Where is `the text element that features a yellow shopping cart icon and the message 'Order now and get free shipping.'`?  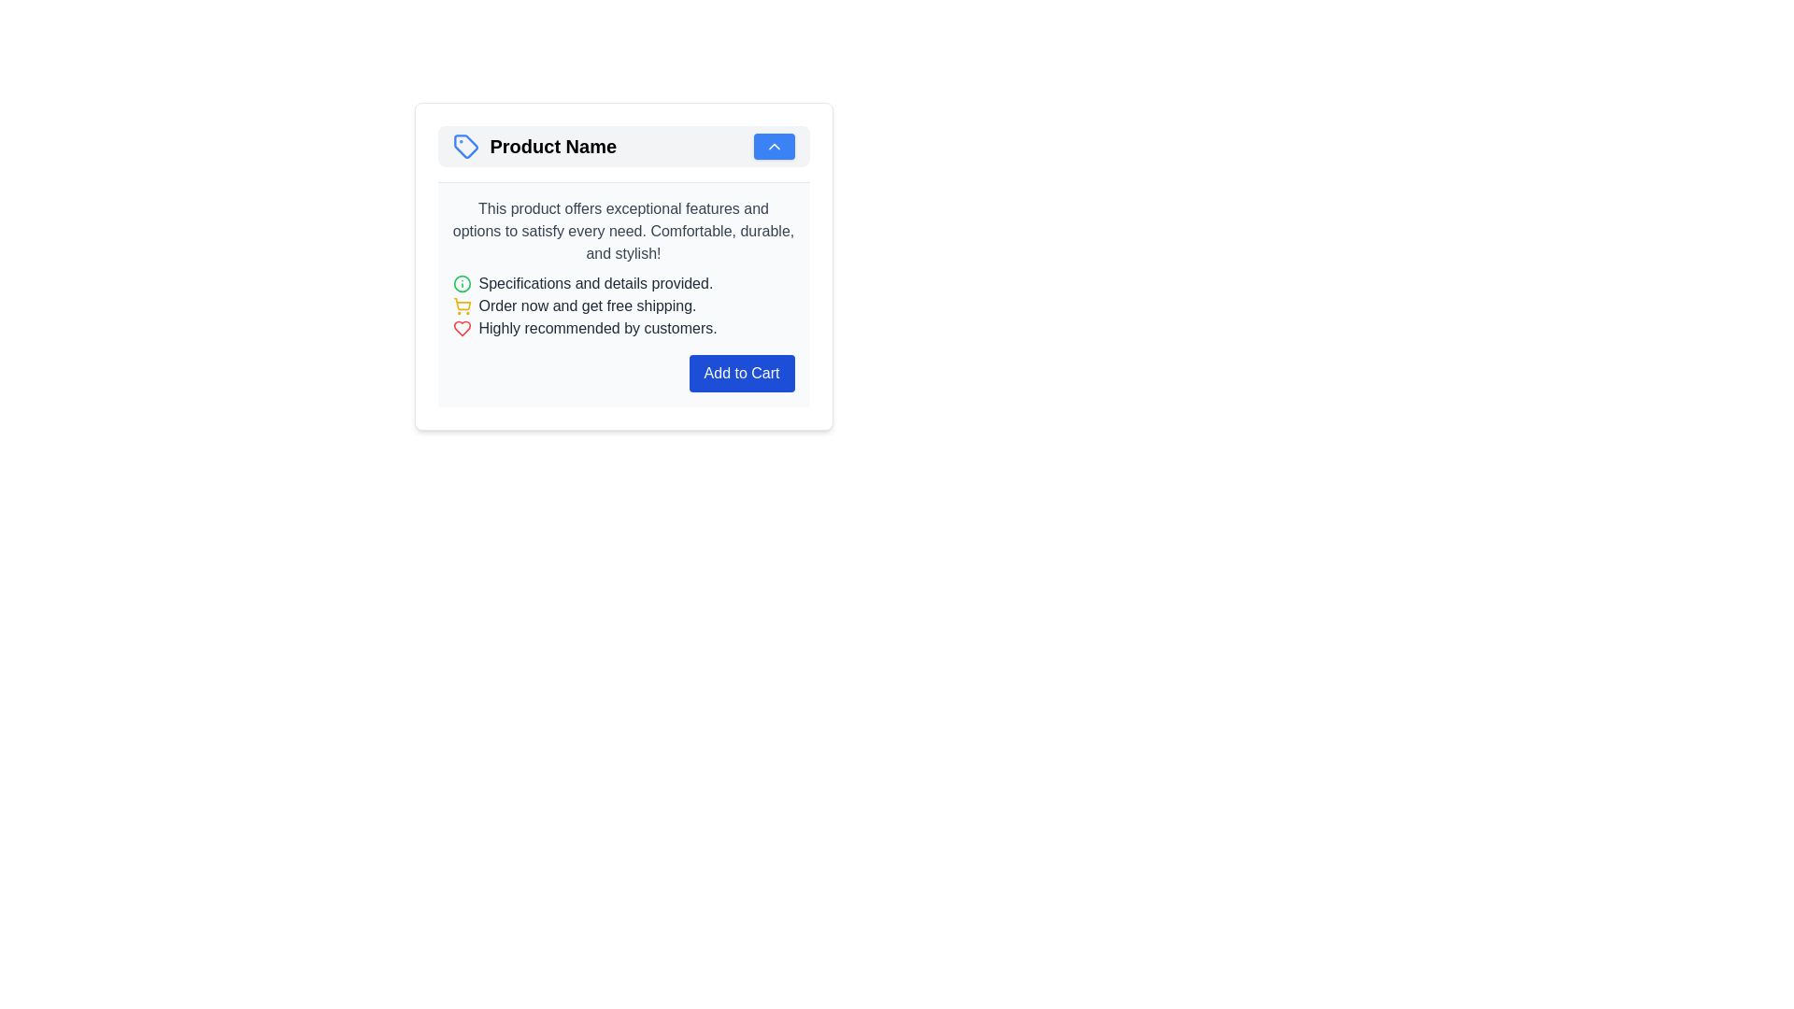 the text element that features a yellow shopping cart icon and the message 'Order now and get free shipping.' is located at coordinates (623, 305).